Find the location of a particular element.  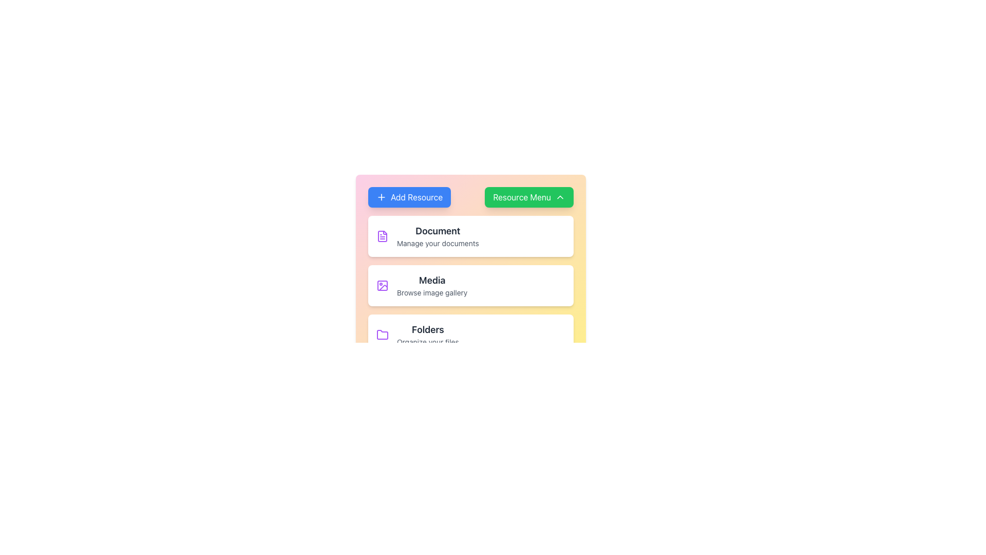

the 'Document' icon is located at coordinates (382, 236).